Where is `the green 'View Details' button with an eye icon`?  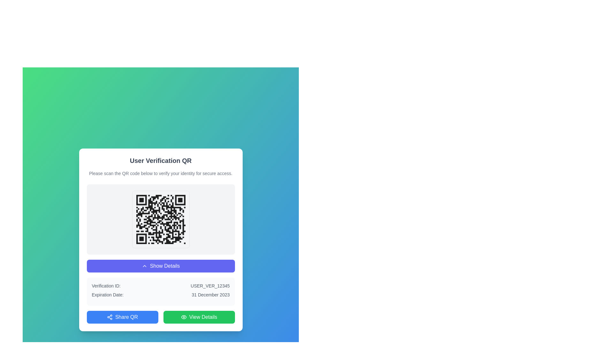 the green 'View Details' button with an eye icon is located at coordinates (199, 317).